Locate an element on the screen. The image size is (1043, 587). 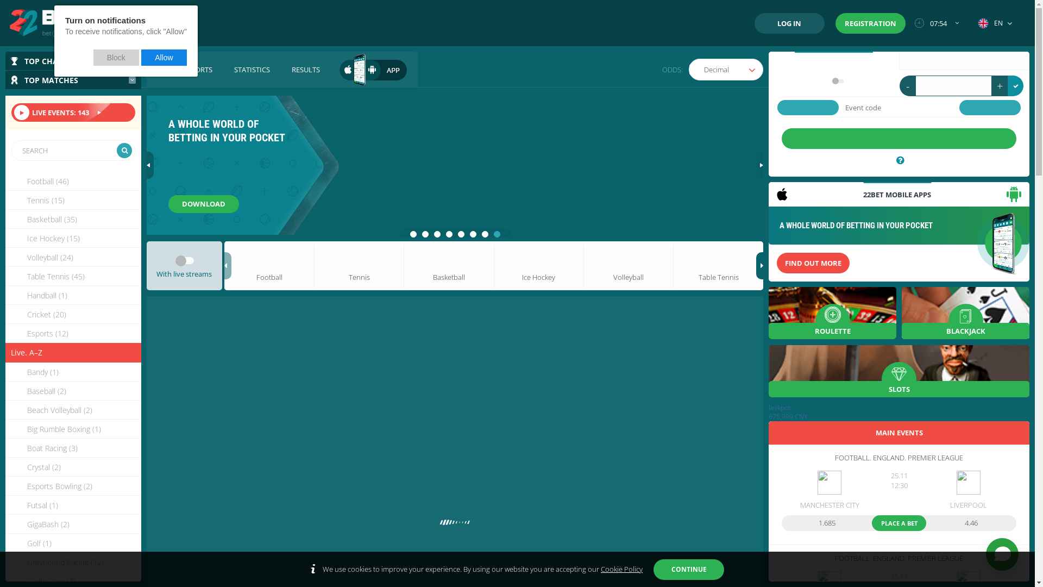
'Tennis' is located at coordinates (313, 266).